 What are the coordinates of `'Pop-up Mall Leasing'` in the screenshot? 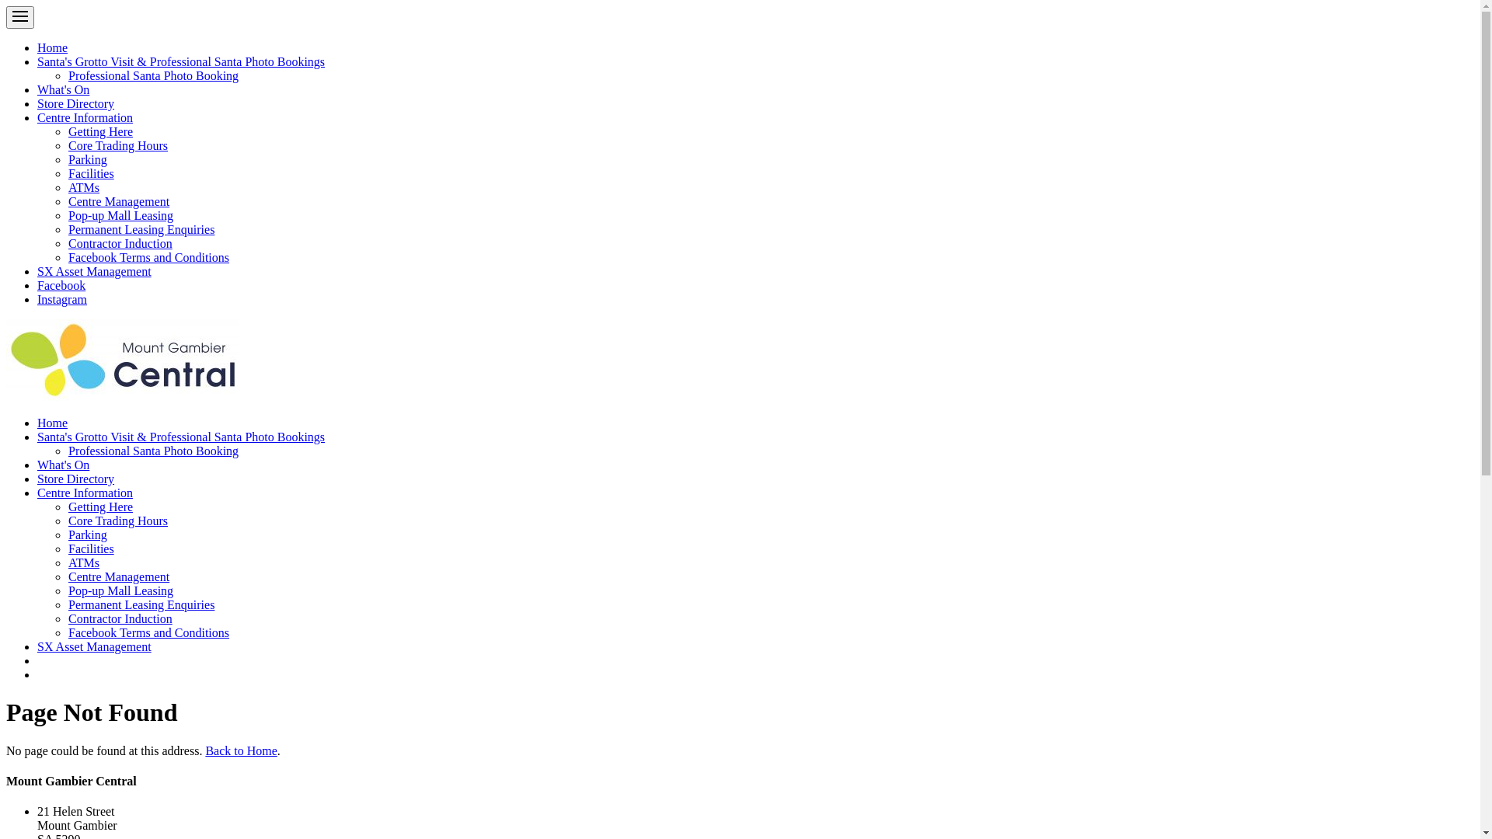 It's located at (120, 590).